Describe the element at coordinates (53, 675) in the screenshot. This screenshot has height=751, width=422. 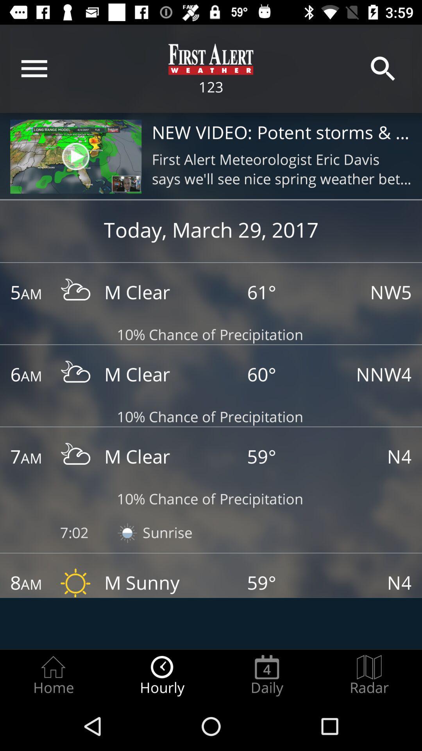
I see `the radio button to the left of hourly item` at that location.